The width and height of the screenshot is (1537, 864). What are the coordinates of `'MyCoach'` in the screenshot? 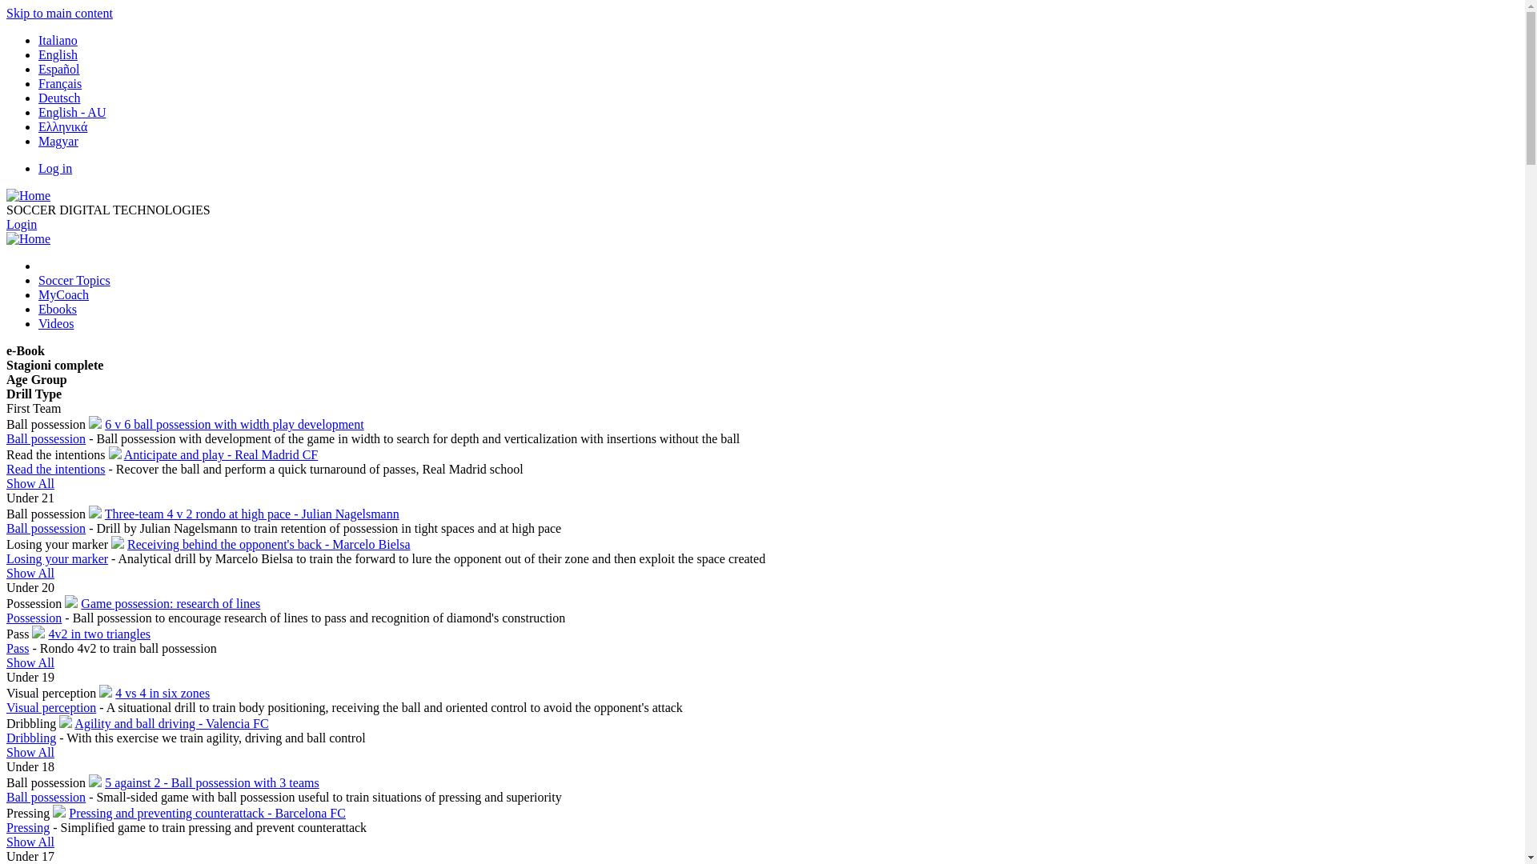 It's located at (63, 294).